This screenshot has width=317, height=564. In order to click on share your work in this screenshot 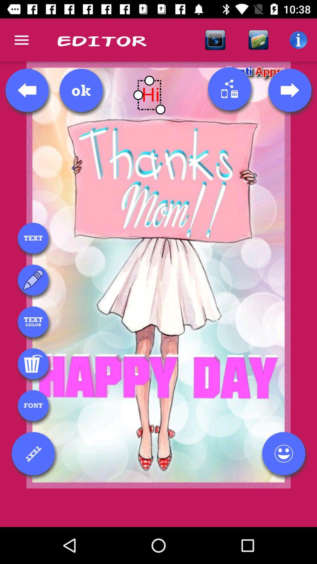, I will do `click(229, 88)`.